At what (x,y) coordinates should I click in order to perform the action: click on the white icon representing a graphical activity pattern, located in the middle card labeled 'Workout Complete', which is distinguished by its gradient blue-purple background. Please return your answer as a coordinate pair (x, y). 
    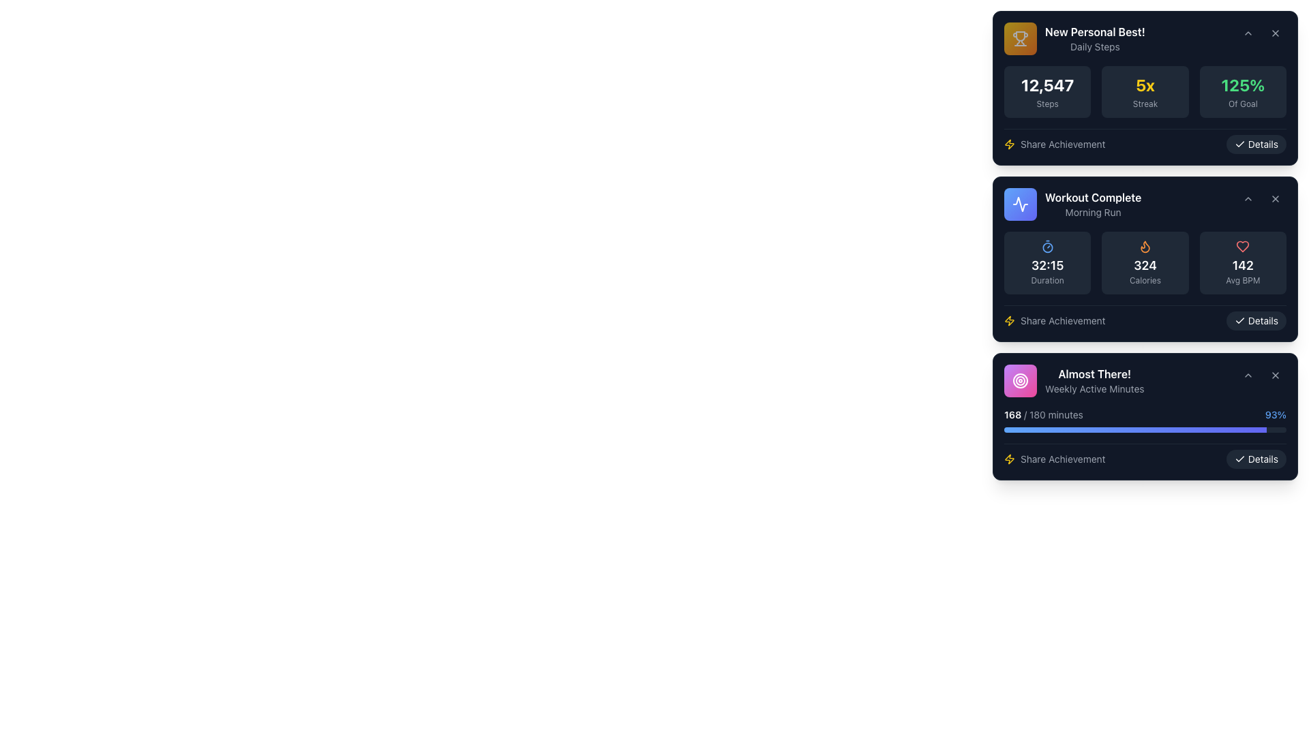
    Looking at the image, I should click on (1021, 204).